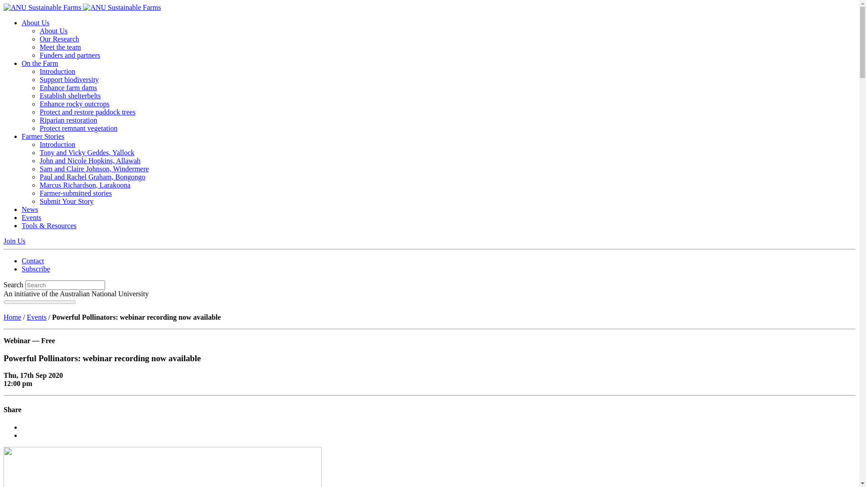  Describe the element at coordinates (68, 87) in the screenshot. I see `'Enhance farm dams'` at that location.